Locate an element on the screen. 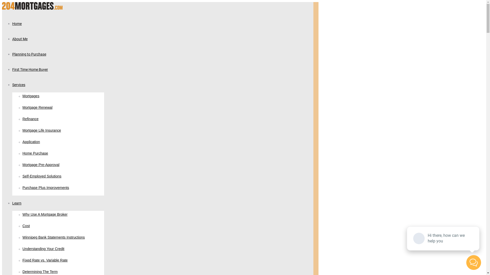  'Mortgage Life Insurance' is located at coordinates (42, 130).